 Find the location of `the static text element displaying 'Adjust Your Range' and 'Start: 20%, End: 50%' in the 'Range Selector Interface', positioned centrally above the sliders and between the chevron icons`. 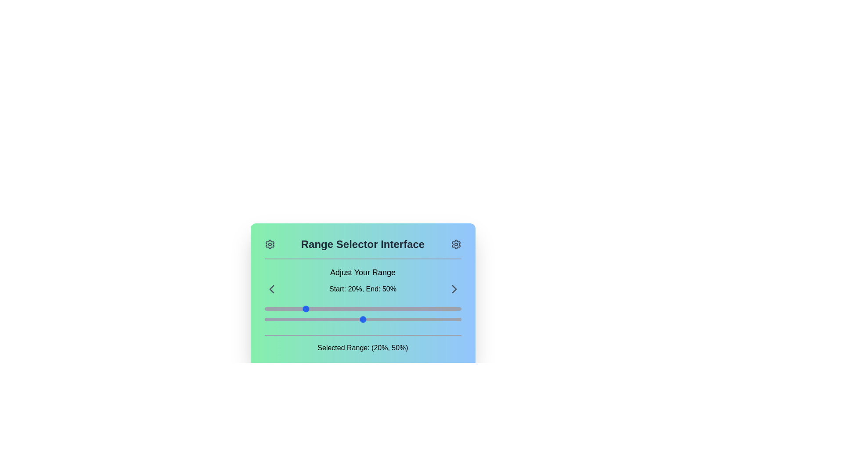

the static text element displaying 'Adjust Your Range' and 'Start: 20%, End: 50%' in the 'Range Selector Interface', positioned centrally above the sliders and between the chevron icons is located at coordinates (363, 295).